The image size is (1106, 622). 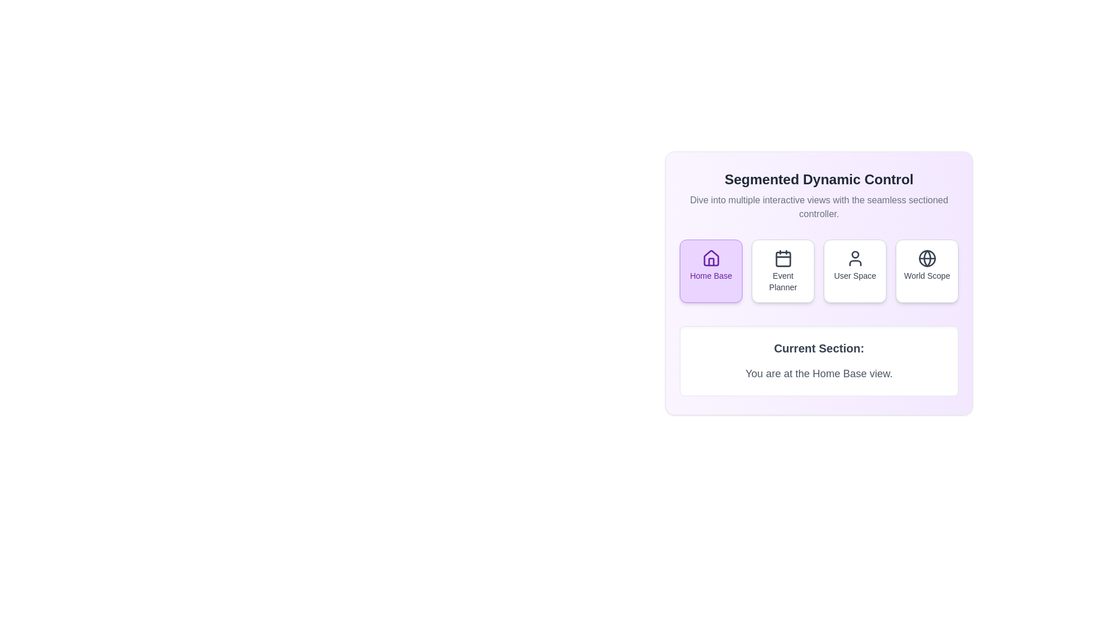 What do you see at coordinates (818, 348) in the screenshot?
I see `the bold text label that reads 'Current Section:' which is centrally positioned within a white-rounded rectangular area near the bottom of the interface` at bounding box center [818, 348].